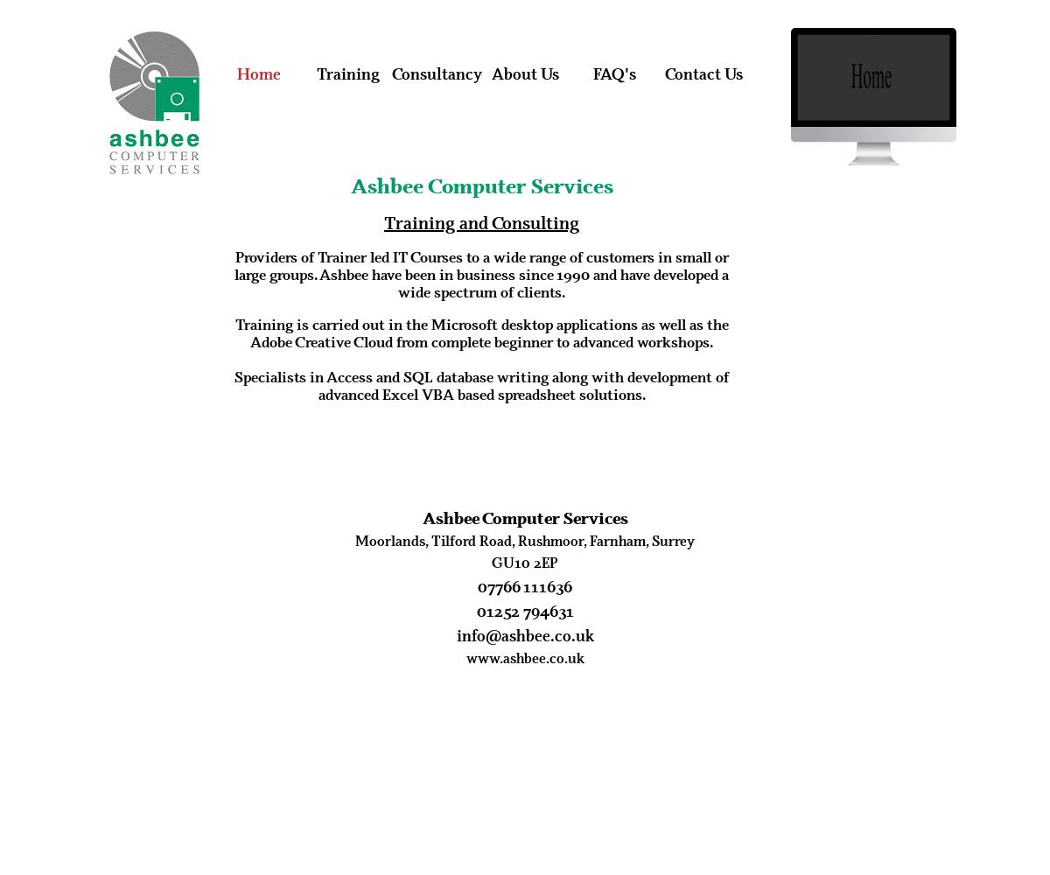 This screenshot has width=1050, height=875. What do you see at coordinates (525, 586) in the screenshot?
I see `'07766 111636'` at bounding box center [525, 586].